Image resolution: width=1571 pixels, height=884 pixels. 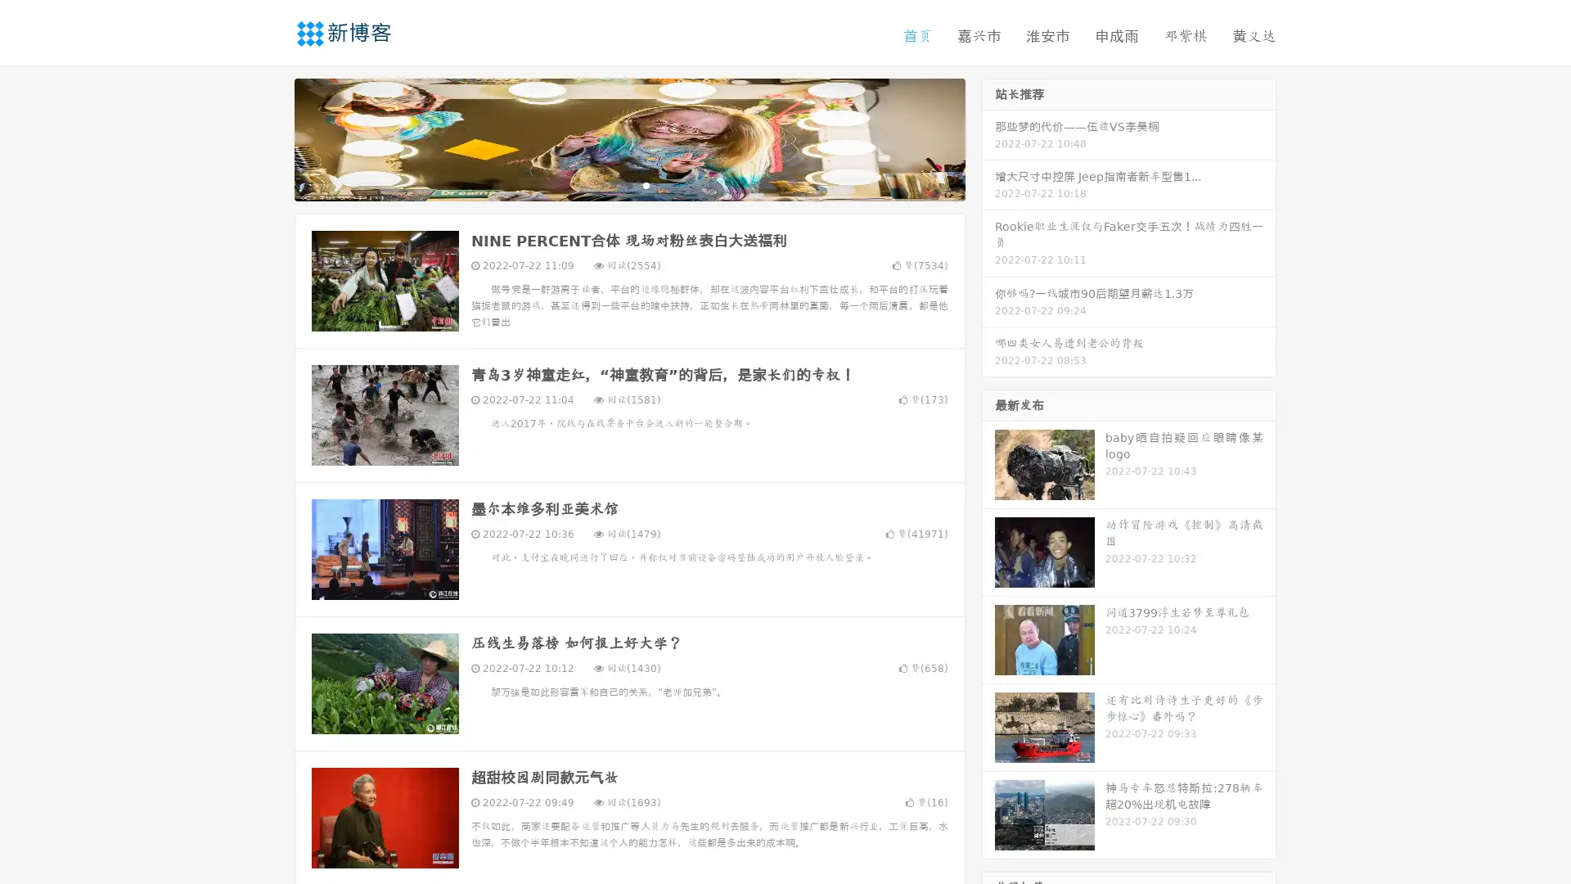 I want to click on Go to slide 2, so click(x=628, y=184).